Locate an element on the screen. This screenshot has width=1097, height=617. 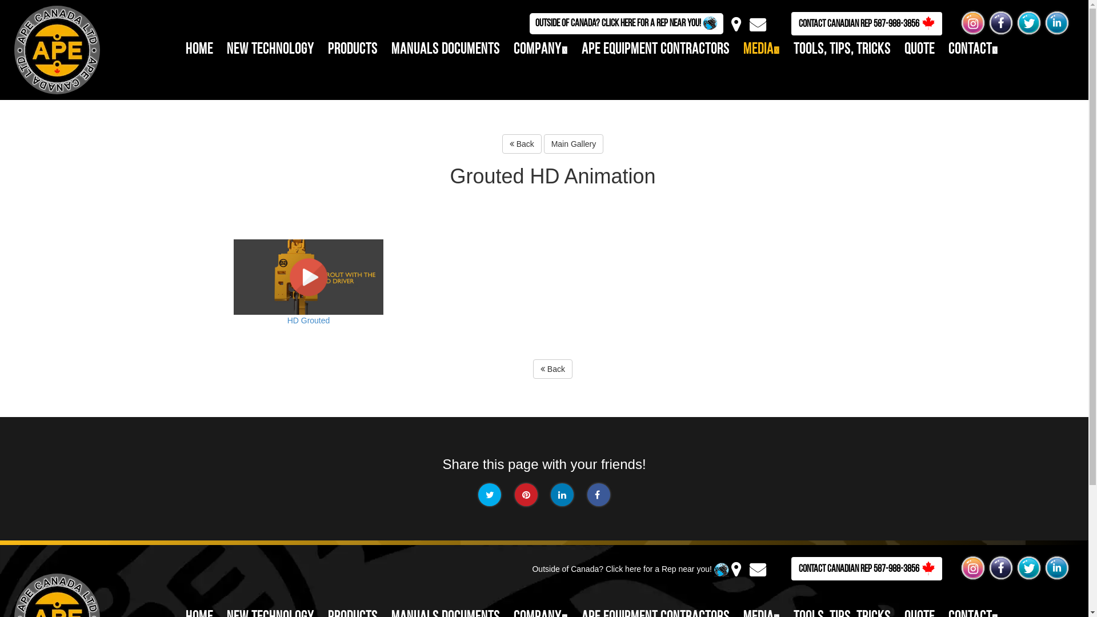
'Follow us on Twitter' is located at coordinates (1028, 22).